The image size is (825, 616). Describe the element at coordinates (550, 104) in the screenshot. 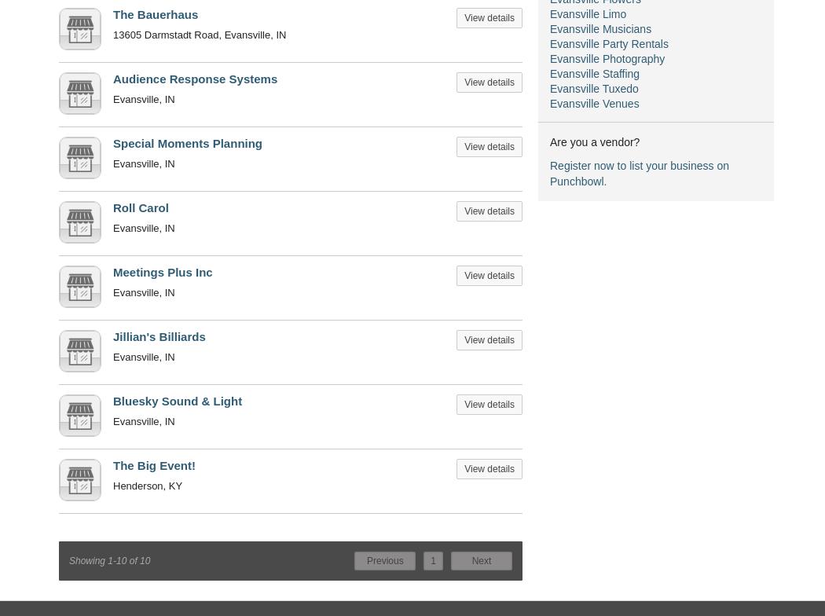

I see `'Evansville Venues'` at that location.